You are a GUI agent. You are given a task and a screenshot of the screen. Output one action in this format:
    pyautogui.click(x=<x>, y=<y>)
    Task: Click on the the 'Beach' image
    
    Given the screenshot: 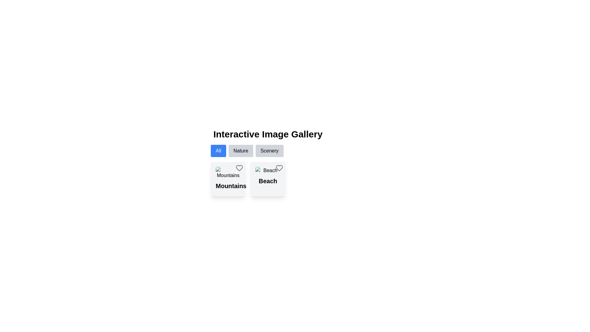 What is the action you would take?
    pyautogui.click(x=268, y=171)
    